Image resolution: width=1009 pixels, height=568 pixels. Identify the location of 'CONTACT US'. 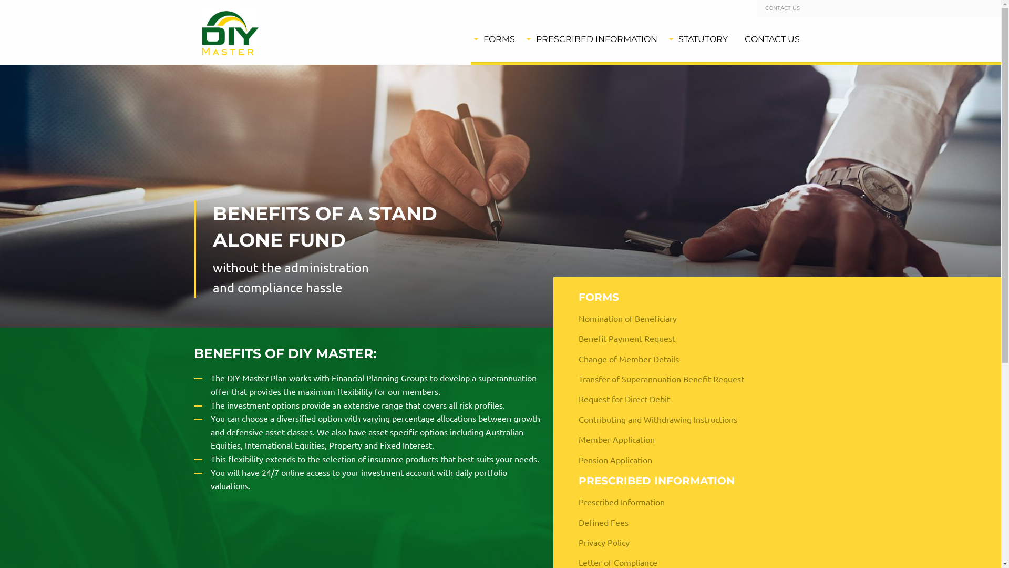
(771, 38).